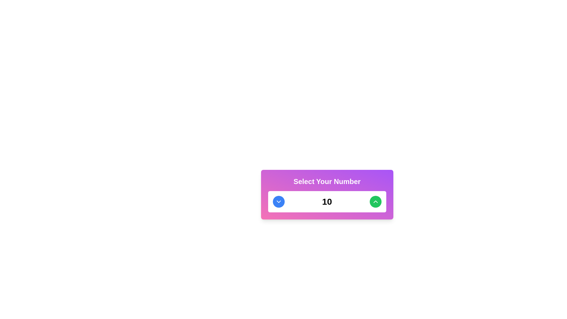 This screenshot has width=567, height=319. Describe the element at coordinates (278, 201) in the screenshot. I see `the downward-pointing chevron icon centered within the circular button on the left side of the input box displaying the number '10'` at that location.